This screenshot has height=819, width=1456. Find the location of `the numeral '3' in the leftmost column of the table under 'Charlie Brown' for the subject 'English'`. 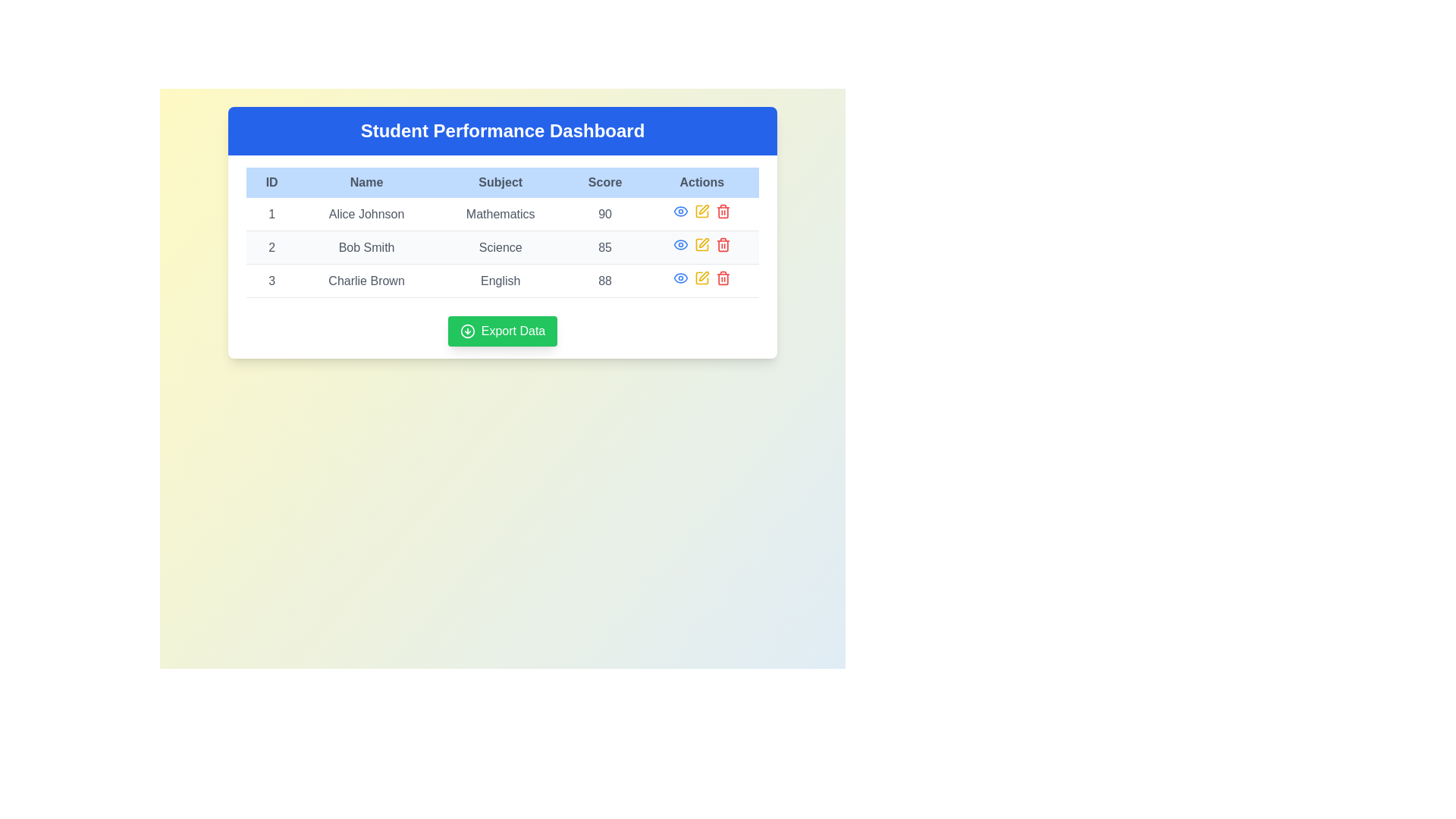

the numeral '3' in the leftmost column of the table under 'Charlie Brown' for the subject 'English' is located at coordinates (271, 281).